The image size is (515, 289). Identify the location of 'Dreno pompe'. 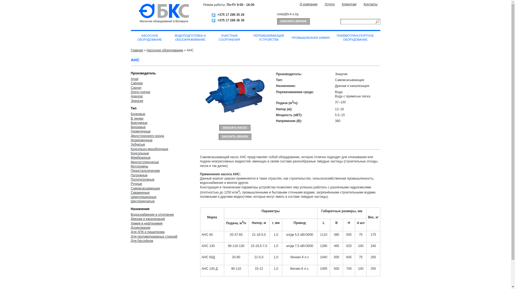
(141, 92).